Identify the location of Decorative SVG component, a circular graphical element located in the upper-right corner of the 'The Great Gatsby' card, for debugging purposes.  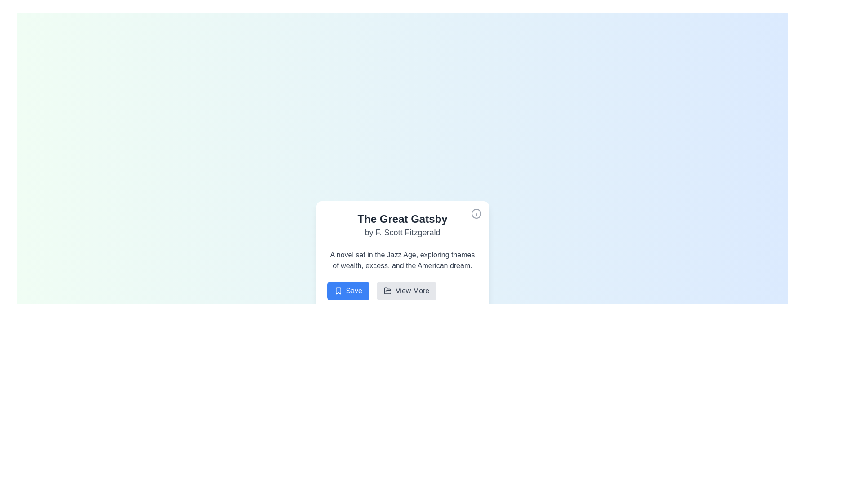
(476, 213).